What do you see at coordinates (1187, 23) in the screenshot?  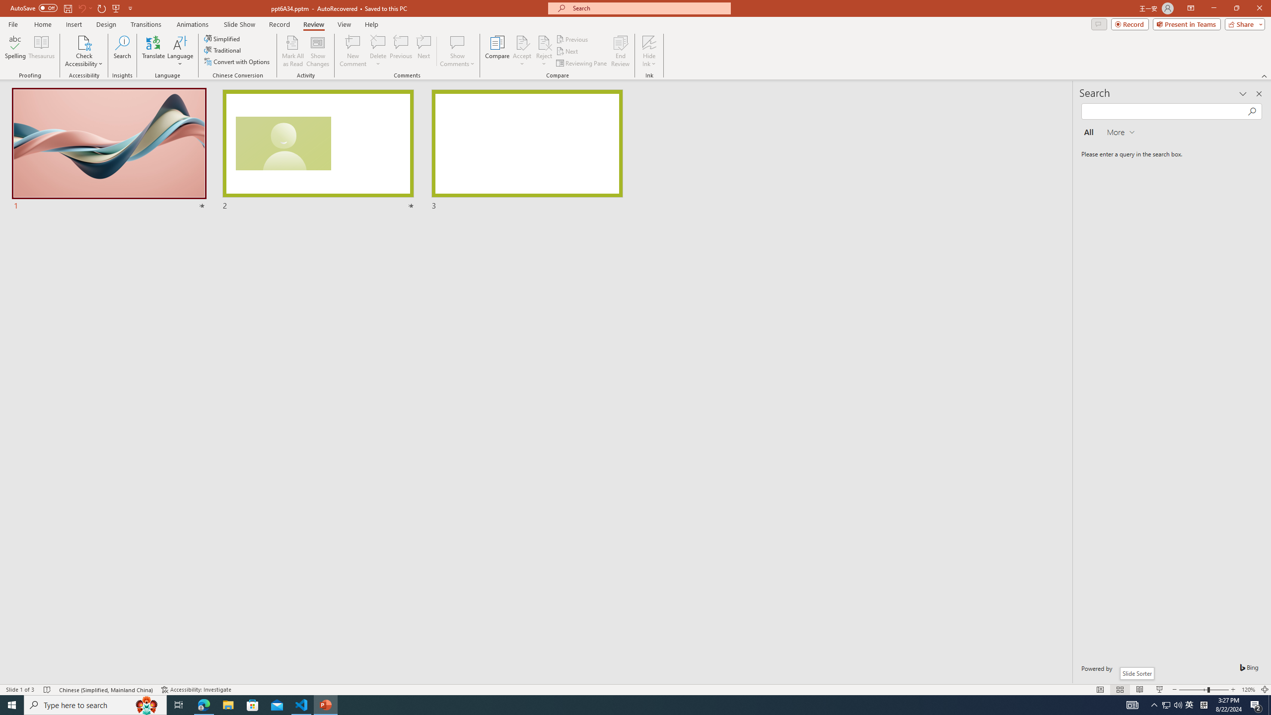 I see `'Present in Teams'` at bounding box center [1187, 23].